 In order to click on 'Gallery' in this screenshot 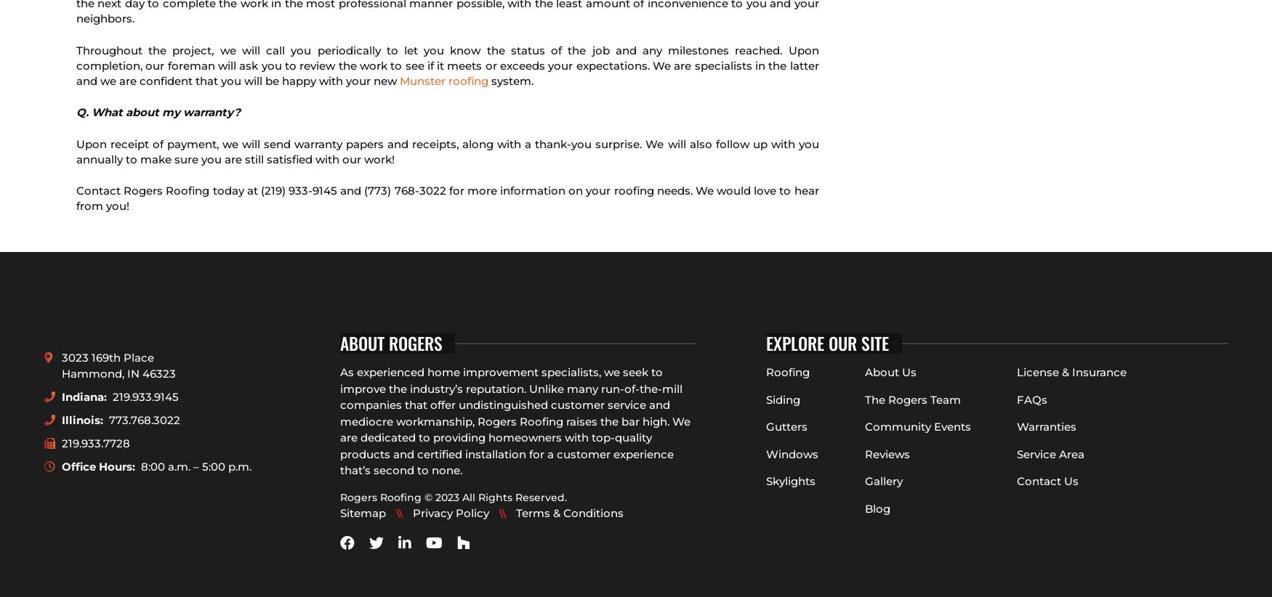, I will do `click(864, 480)`.